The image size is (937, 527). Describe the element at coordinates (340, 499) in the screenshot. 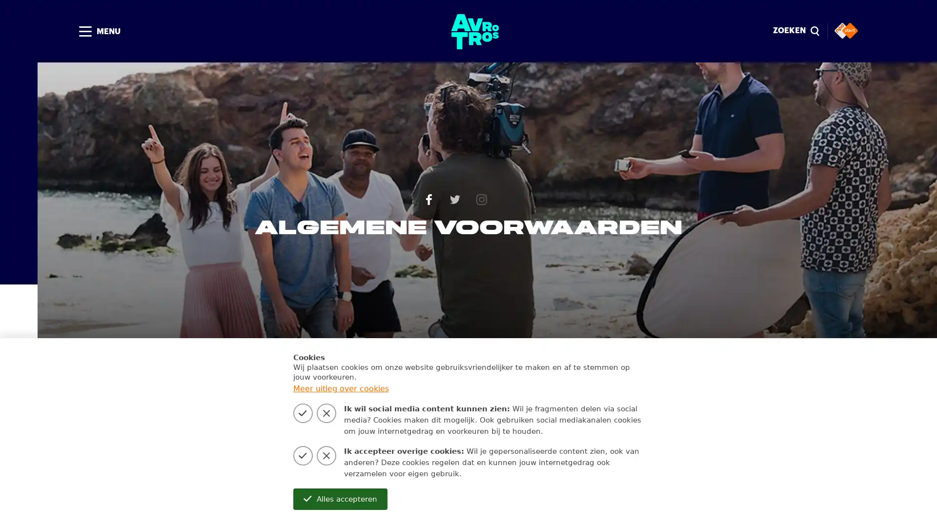

I see `Alles accepteren` at that location.